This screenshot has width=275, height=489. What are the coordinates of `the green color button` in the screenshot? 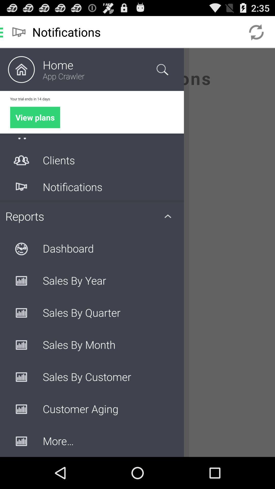 It's located at (35, 117).